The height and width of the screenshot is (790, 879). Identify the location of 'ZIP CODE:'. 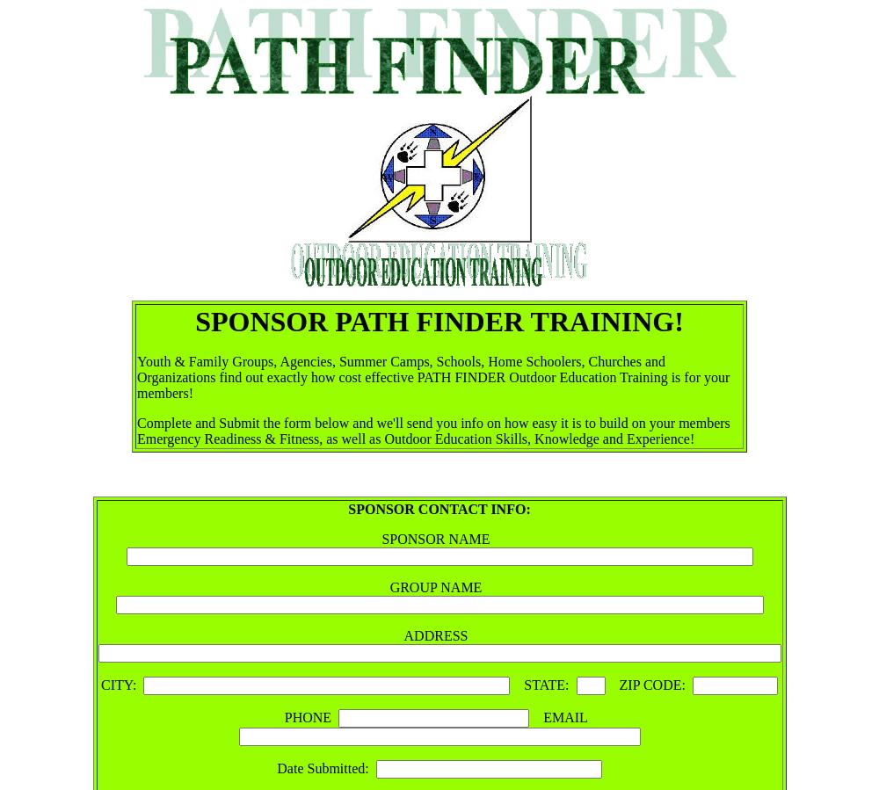
(654, 685).